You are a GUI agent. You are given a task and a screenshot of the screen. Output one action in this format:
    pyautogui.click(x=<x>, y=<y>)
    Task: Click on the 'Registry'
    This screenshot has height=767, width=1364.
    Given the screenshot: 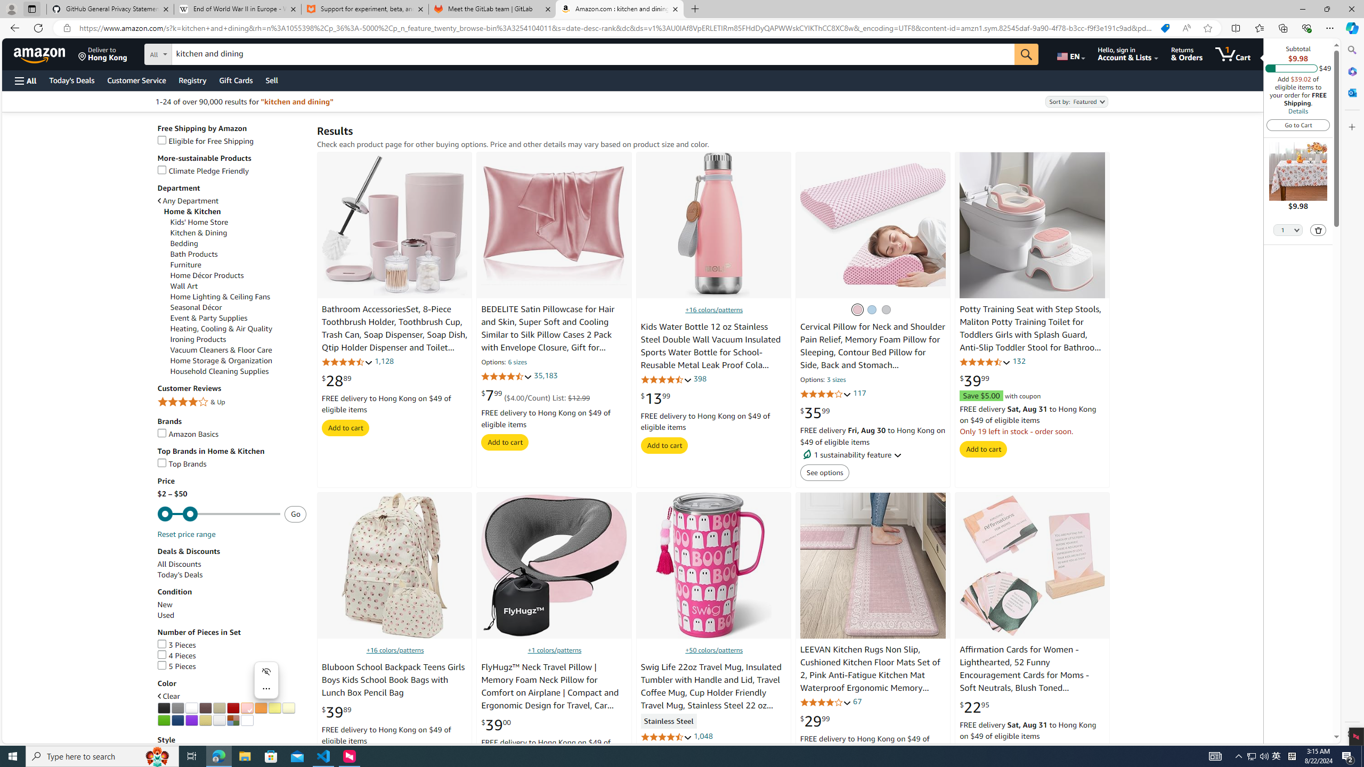 What is the action you would take?
    pyautogui.click(x=191, y=80)
    